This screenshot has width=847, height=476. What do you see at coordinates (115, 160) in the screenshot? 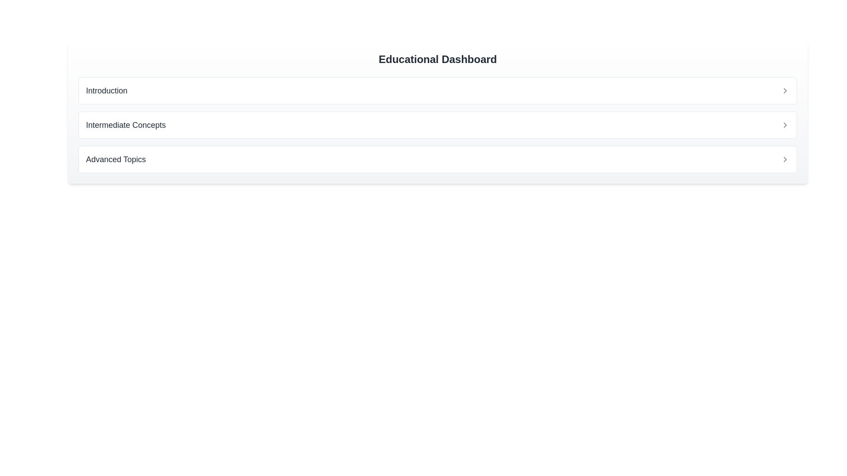
I see `the text label 'Advanced Topics' which is styled in a medium-sized bold dark gray font and located in the third row of the navigation list under 'Educational Dashboard'` at bounding box center [115, 160].